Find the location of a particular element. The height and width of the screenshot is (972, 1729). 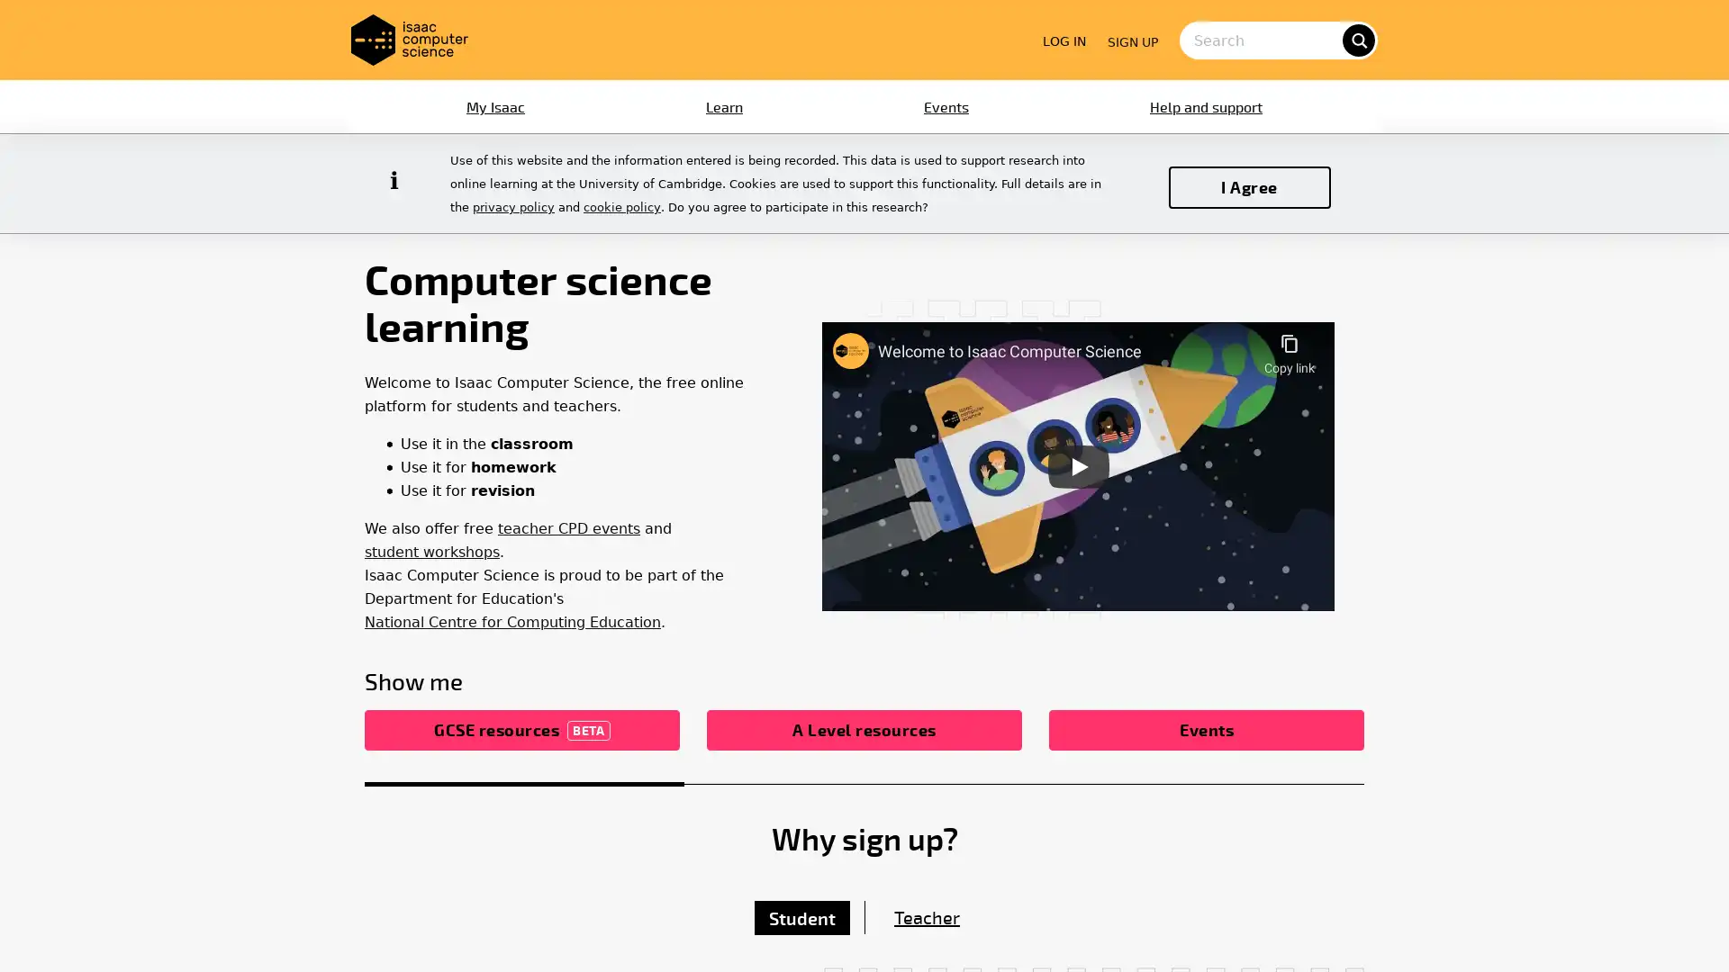

search is located at coordinates (1357, 39).